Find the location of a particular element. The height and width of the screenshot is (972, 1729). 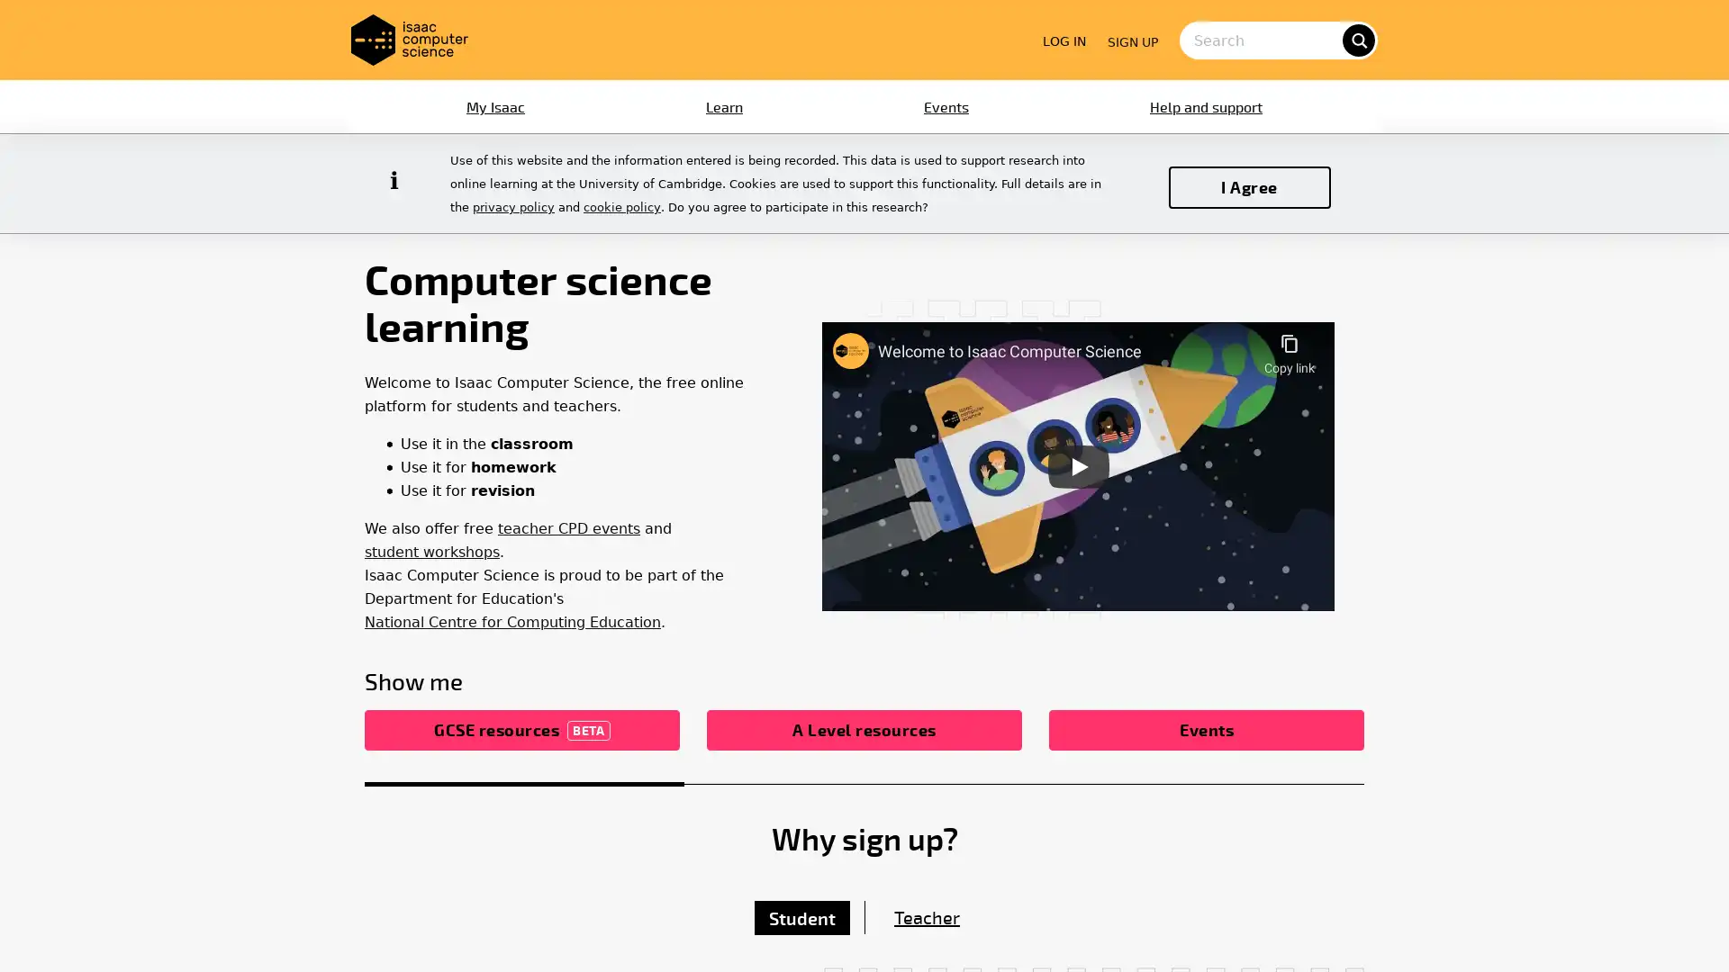

search is located at coordinates (1357, 39).